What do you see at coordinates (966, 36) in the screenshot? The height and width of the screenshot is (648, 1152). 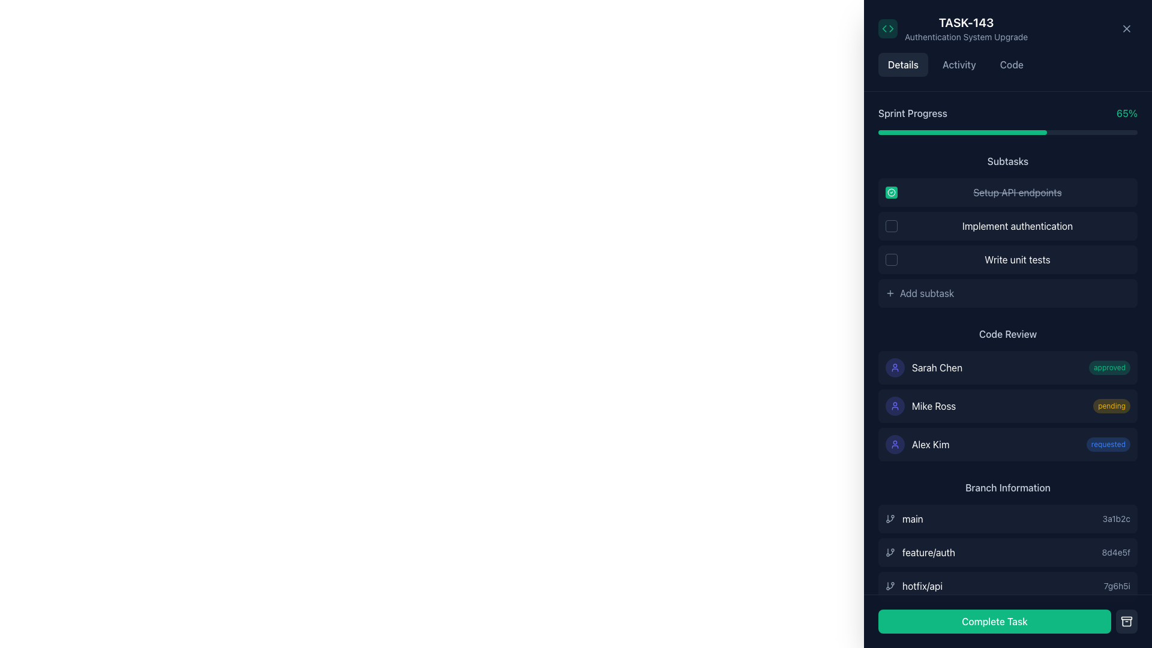 I see `the text label displaying 'Authentication System Upgrade', which is located directly below the 'TASK-143' title in the panel` at bounding box center [966, 36].